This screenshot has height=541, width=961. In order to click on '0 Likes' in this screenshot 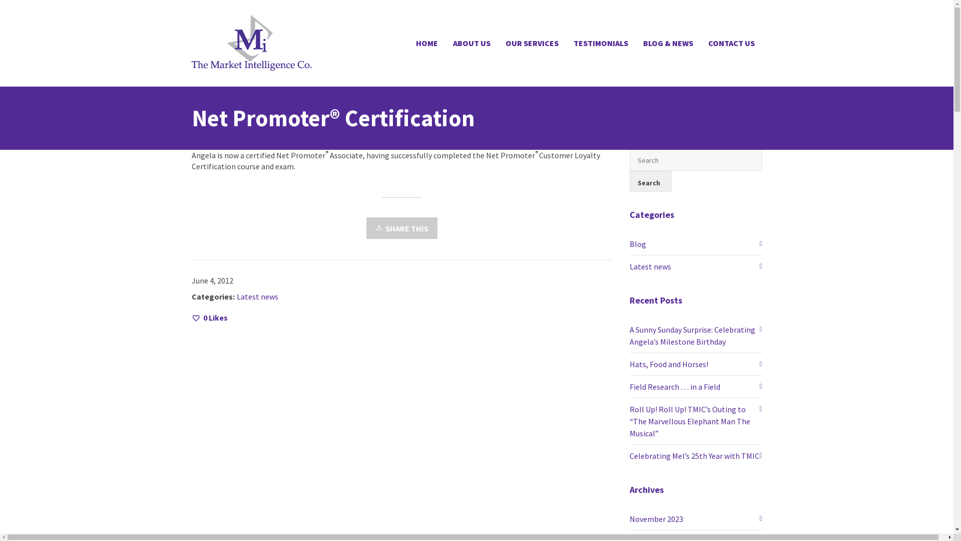, I will do `click(208, 317)`.